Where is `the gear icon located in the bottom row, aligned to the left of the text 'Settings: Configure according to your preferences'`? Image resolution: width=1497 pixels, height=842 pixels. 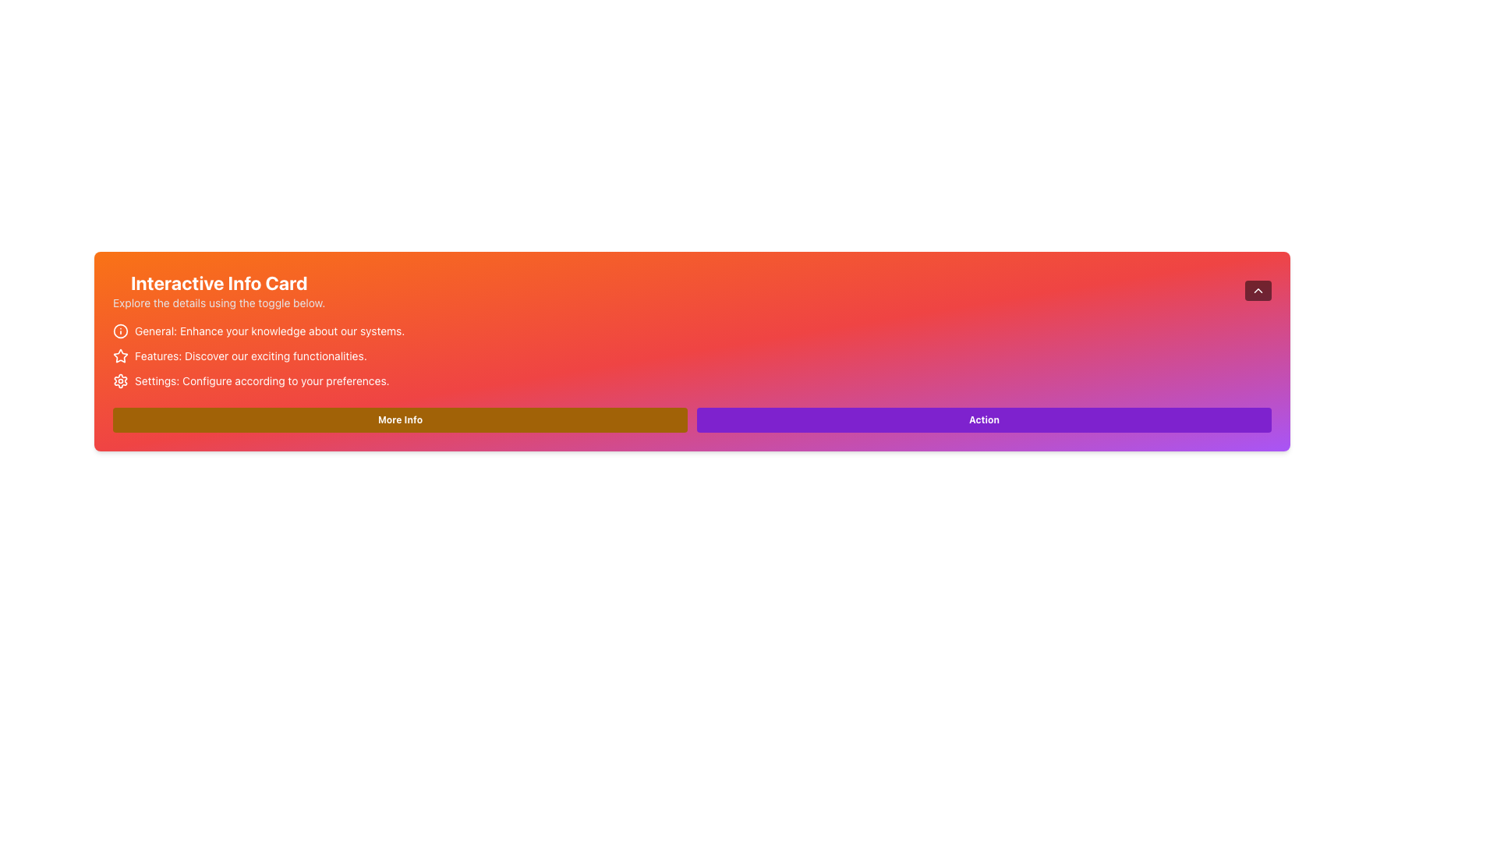 the gear icon located in the bottom row, aligned to the left of the text 'Settings: Configure according to your preferences' is located at coordinates (119, 381).